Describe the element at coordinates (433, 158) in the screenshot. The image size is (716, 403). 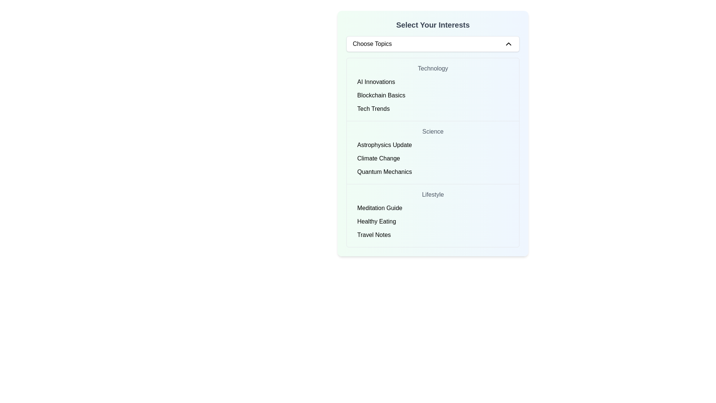
I see `the list item displaying 'Climate Change'` at that location.